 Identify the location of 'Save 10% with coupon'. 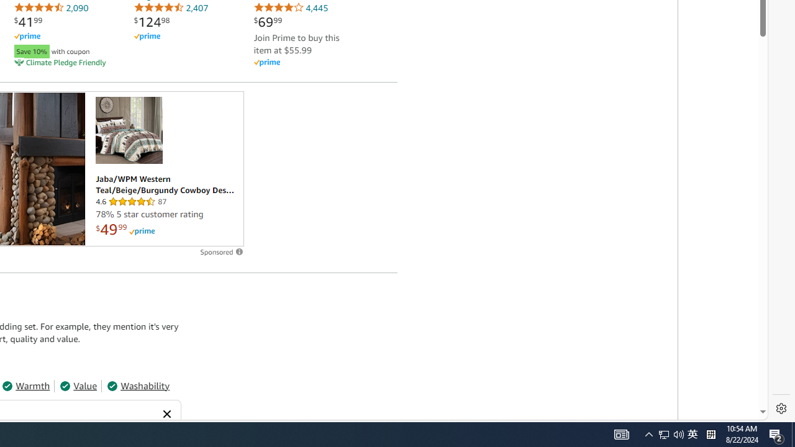
(63, 49).